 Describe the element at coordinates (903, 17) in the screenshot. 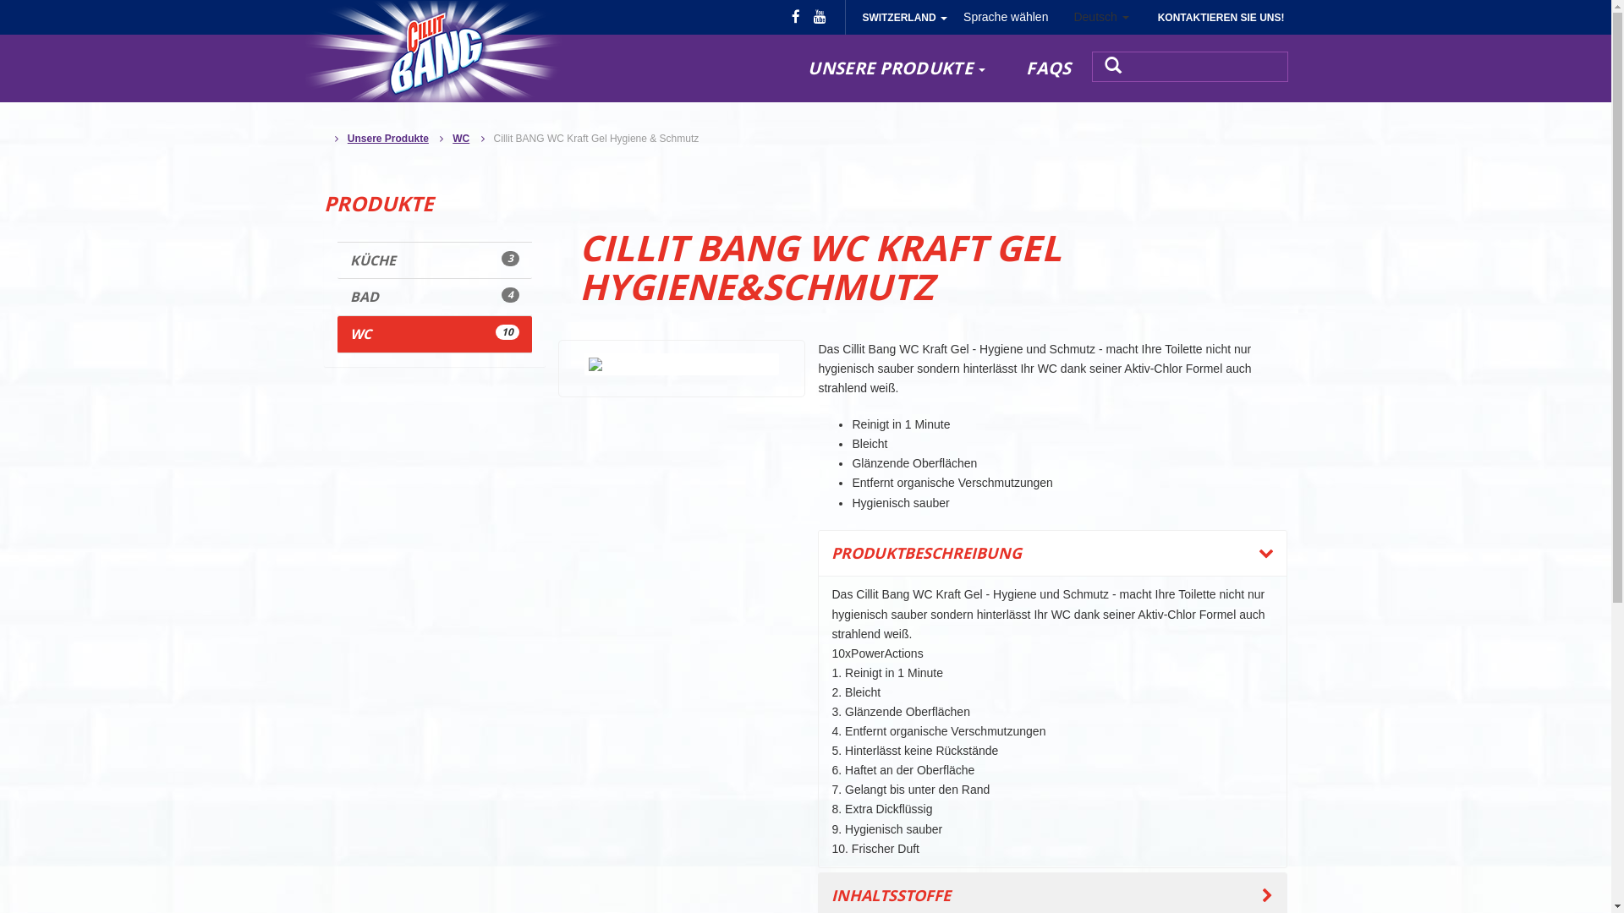

I see `'SWITZERLAND'` at that location.